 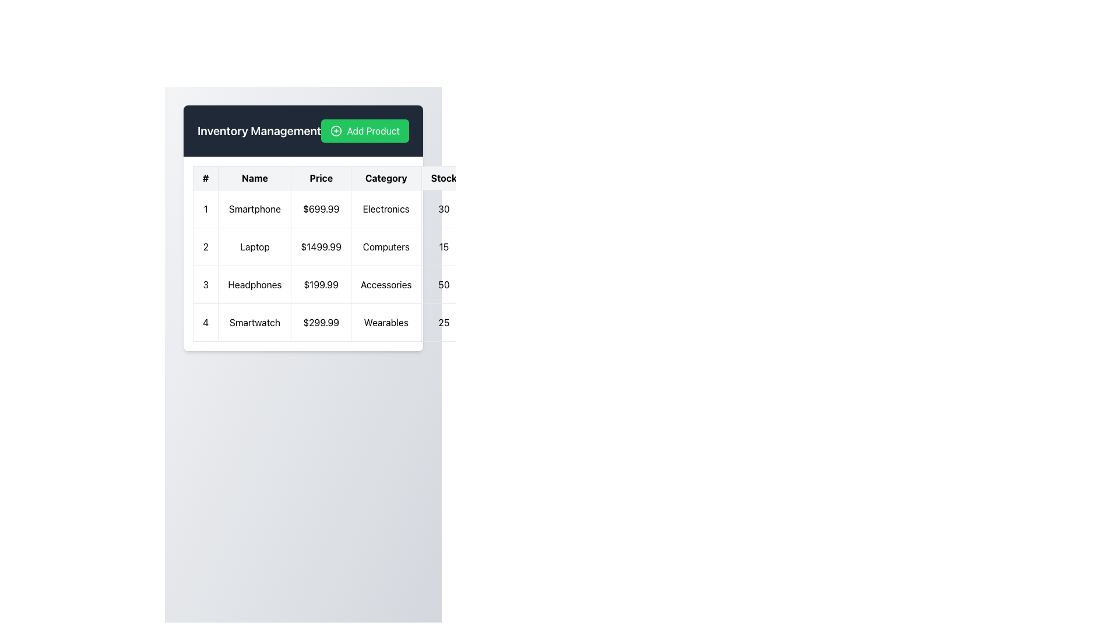 I want to click on the 'Smartwatch' text display located in the fourth row under the 'Name' column of the product inventory table, so click(x=254, y=323).